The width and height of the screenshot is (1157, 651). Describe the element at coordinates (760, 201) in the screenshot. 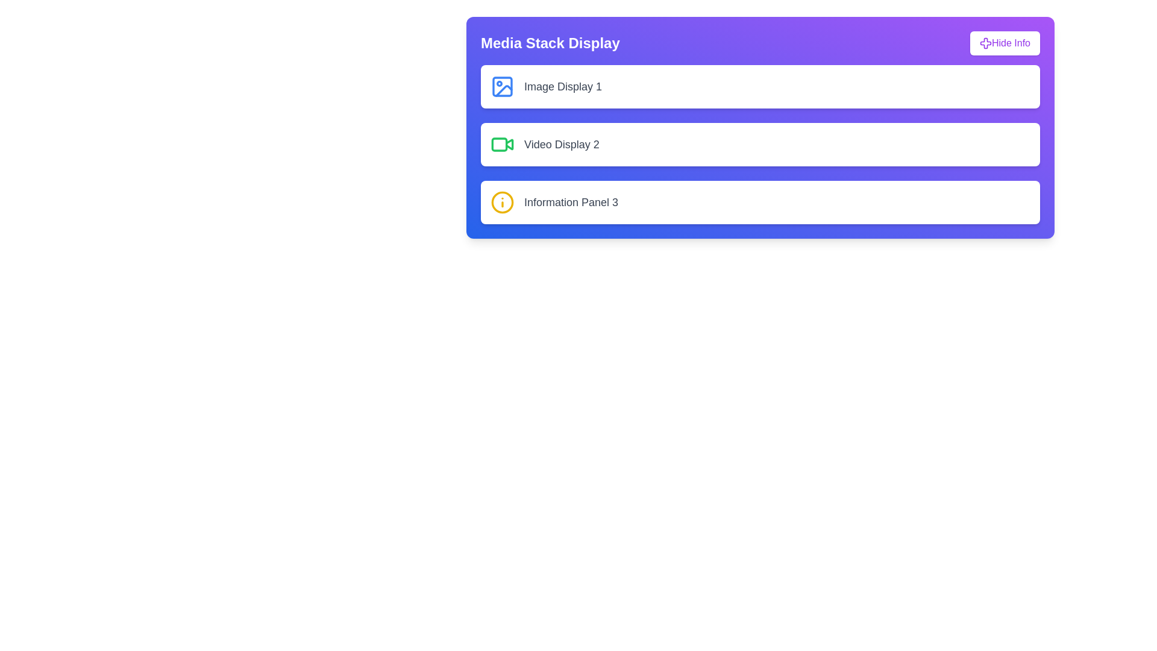

I see `the 'Information Panel 3', which is the third panel in a vertical stack of informational cards located at the bottom of the stack` at that location.